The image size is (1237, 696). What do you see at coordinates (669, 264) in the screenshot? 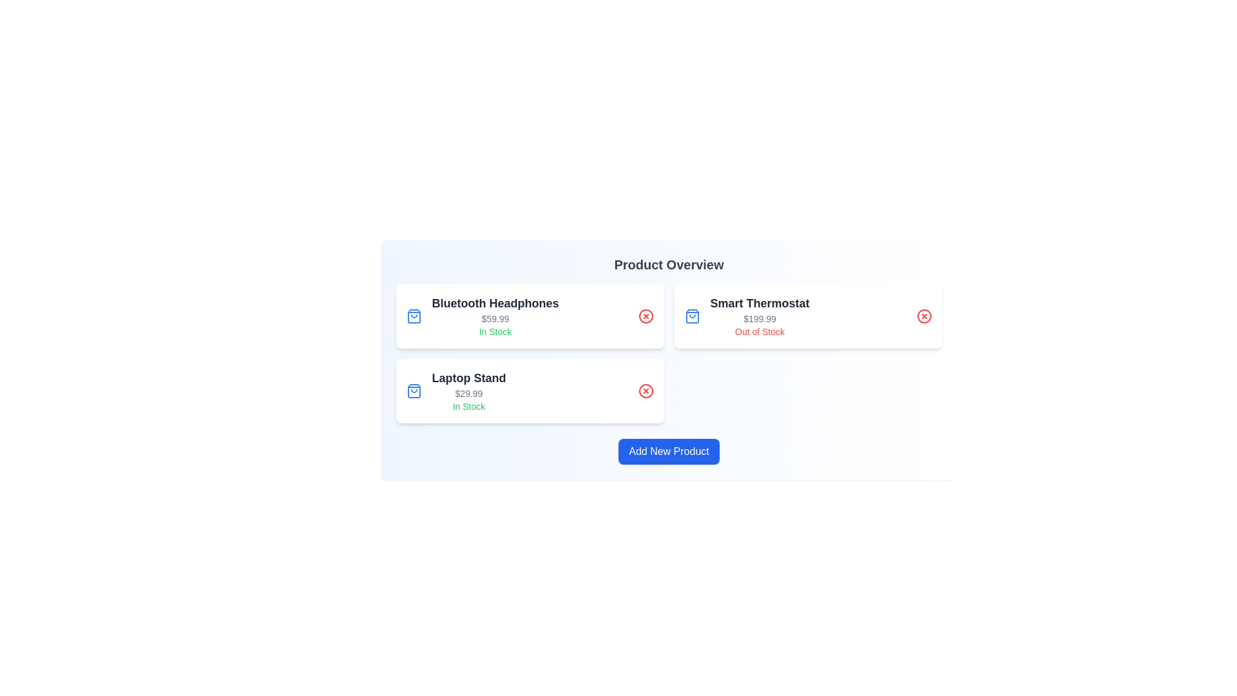
I see `the 'Product Overview' title to inspect the product overview section` at bounding box center [669, 264].